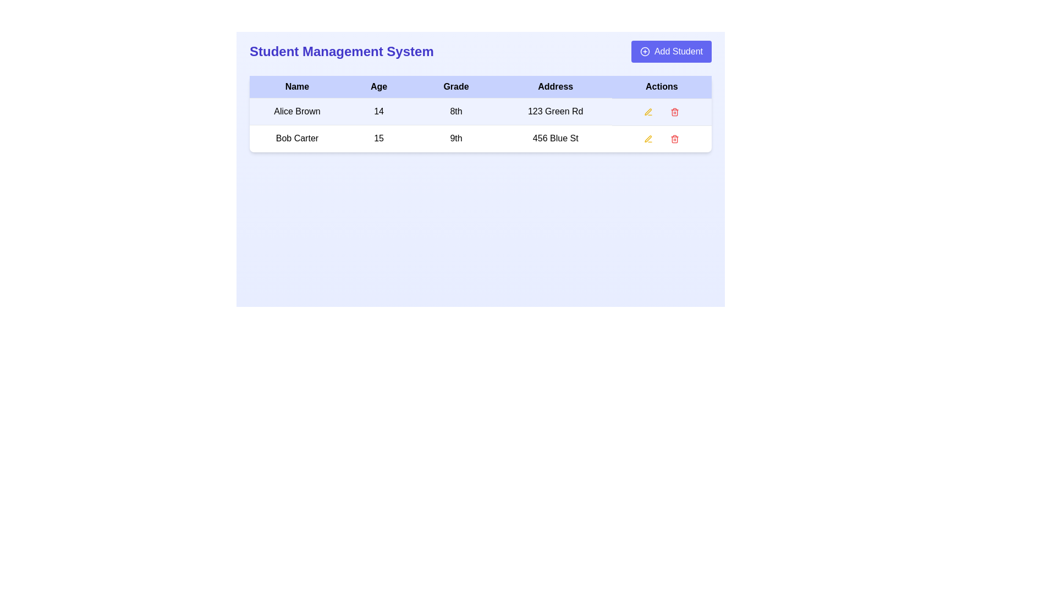 The image size is (1056, 594). Describe the element at coordinates (379, 86) in the screenshot. I see `text from the 'Age' label, which is a bold text label located in the second column of the header row of a table, positioned between the 'Name' and 'Grade' columns` at that location.